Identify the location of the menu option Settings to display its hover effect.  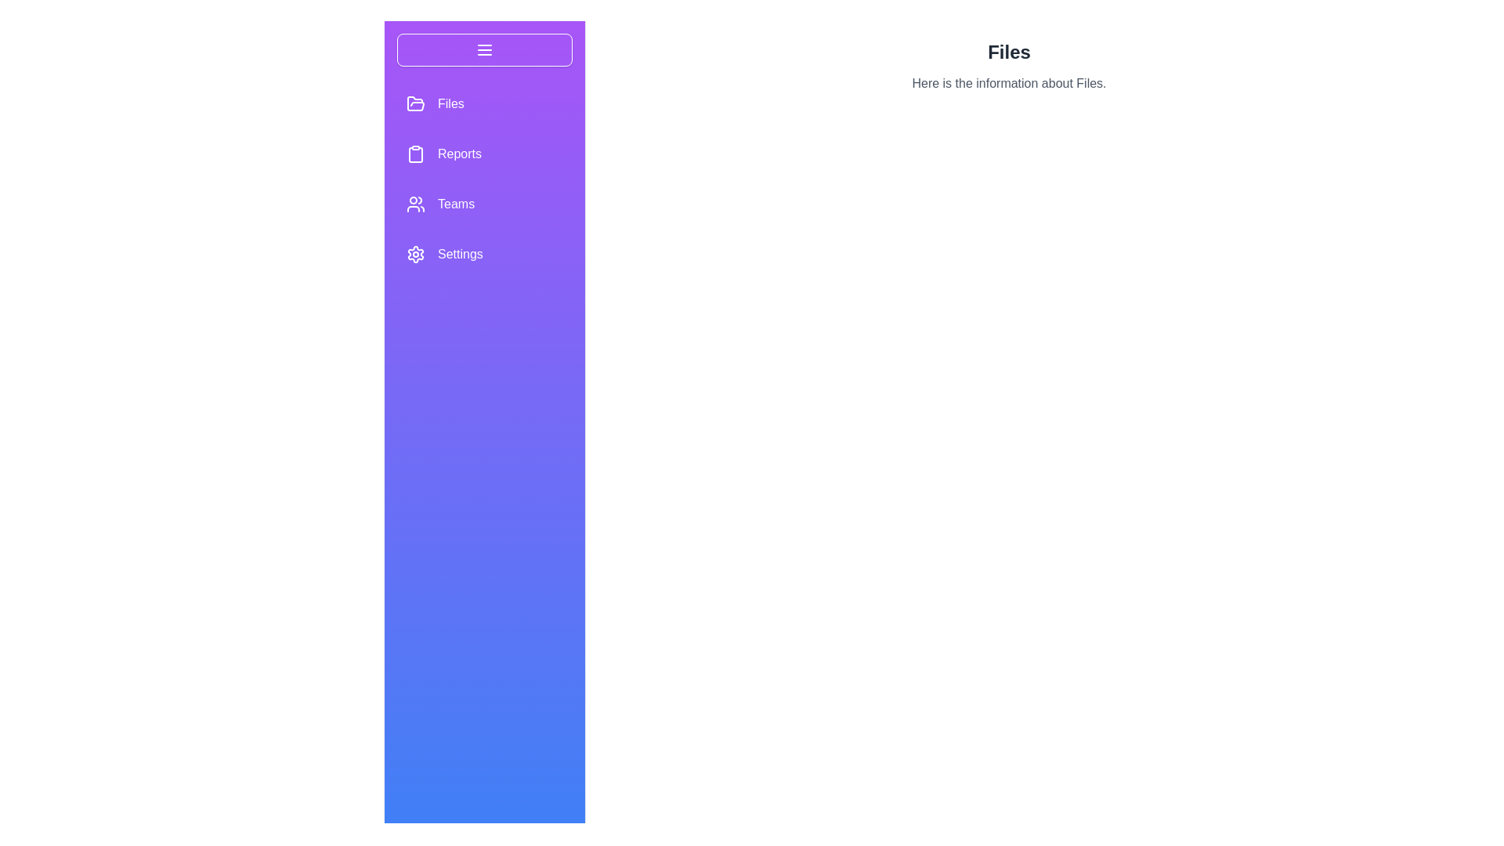
(484, 253).